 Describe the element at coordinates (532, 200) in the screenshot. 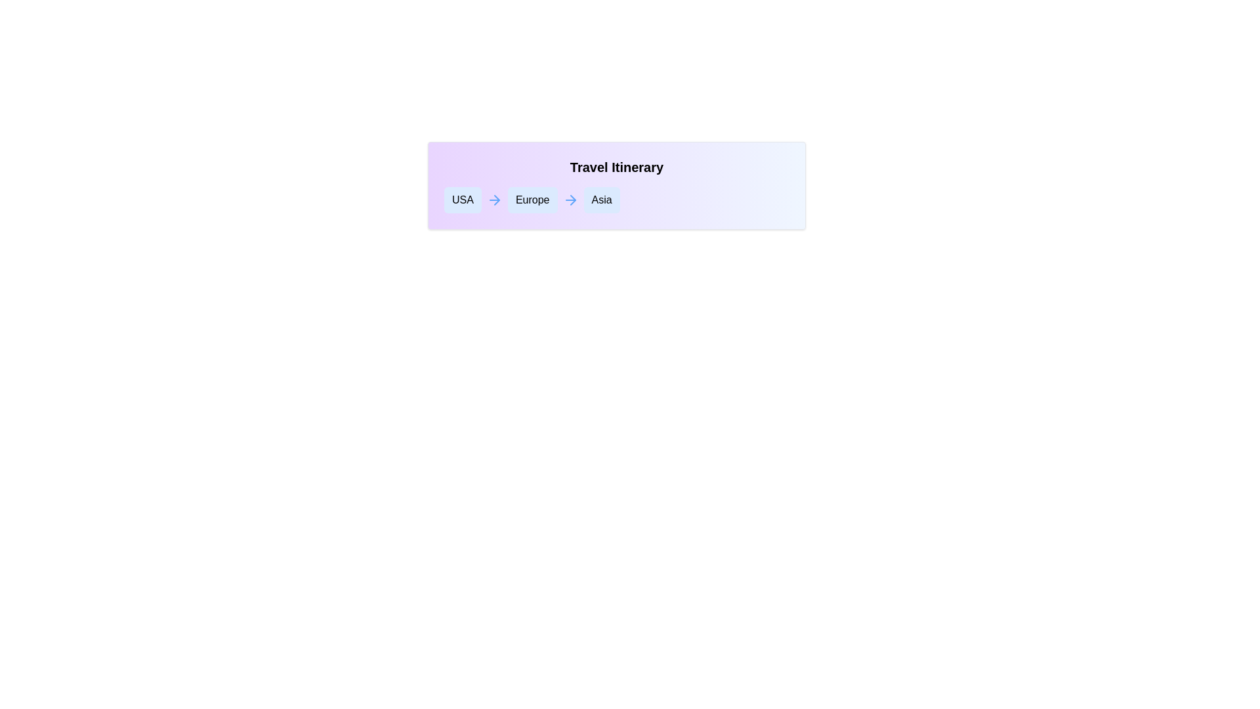

I see `the button labeled 'Europe' which is the second button in a horizontal set of three options` at that location.